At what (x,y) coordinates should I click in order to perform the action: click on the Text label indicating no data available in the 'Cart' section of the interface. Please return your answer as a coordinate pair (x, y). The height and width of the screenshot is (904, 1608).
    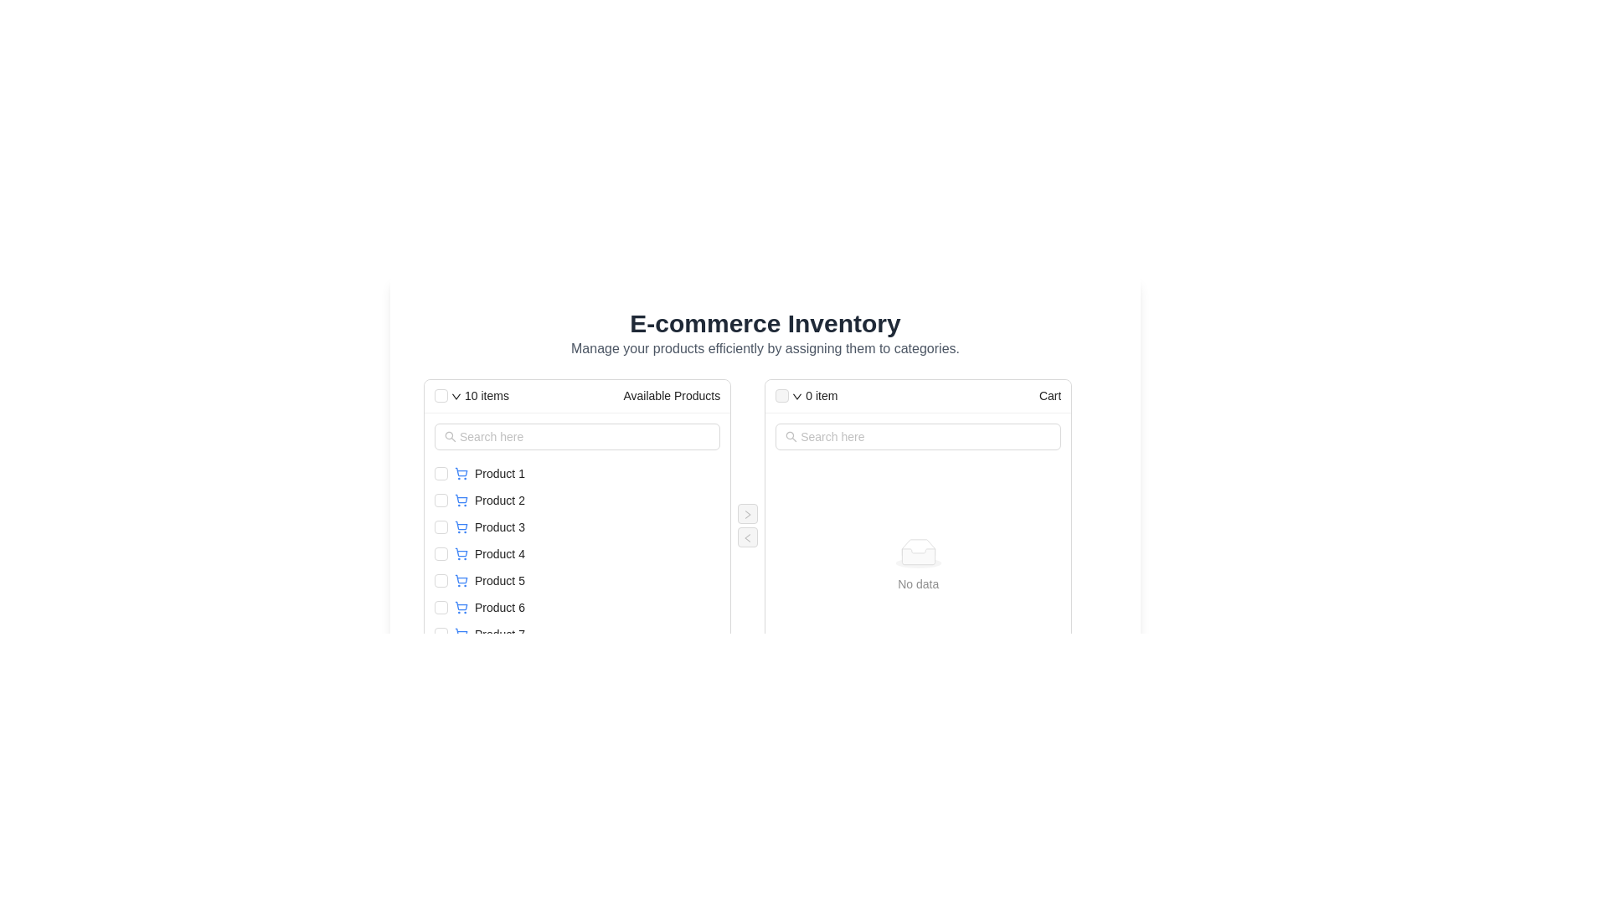
    Looking at the image, I should click on (917, 583).